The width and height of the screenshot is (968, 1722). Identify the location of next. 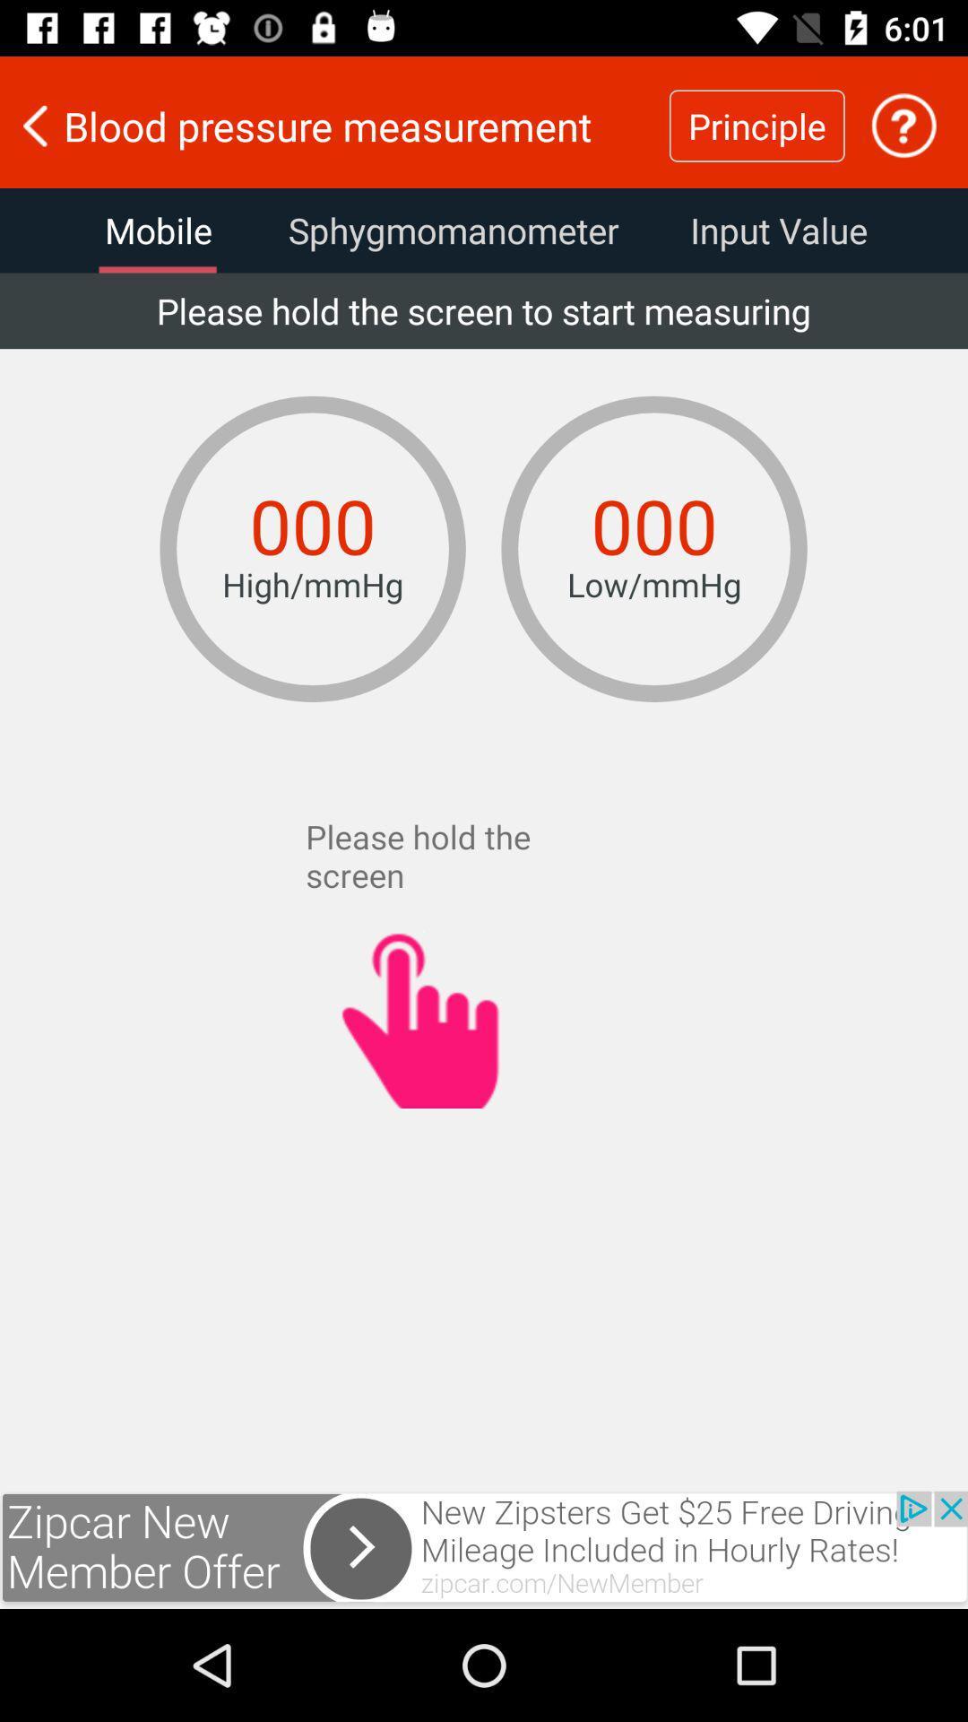
(484, 1549).